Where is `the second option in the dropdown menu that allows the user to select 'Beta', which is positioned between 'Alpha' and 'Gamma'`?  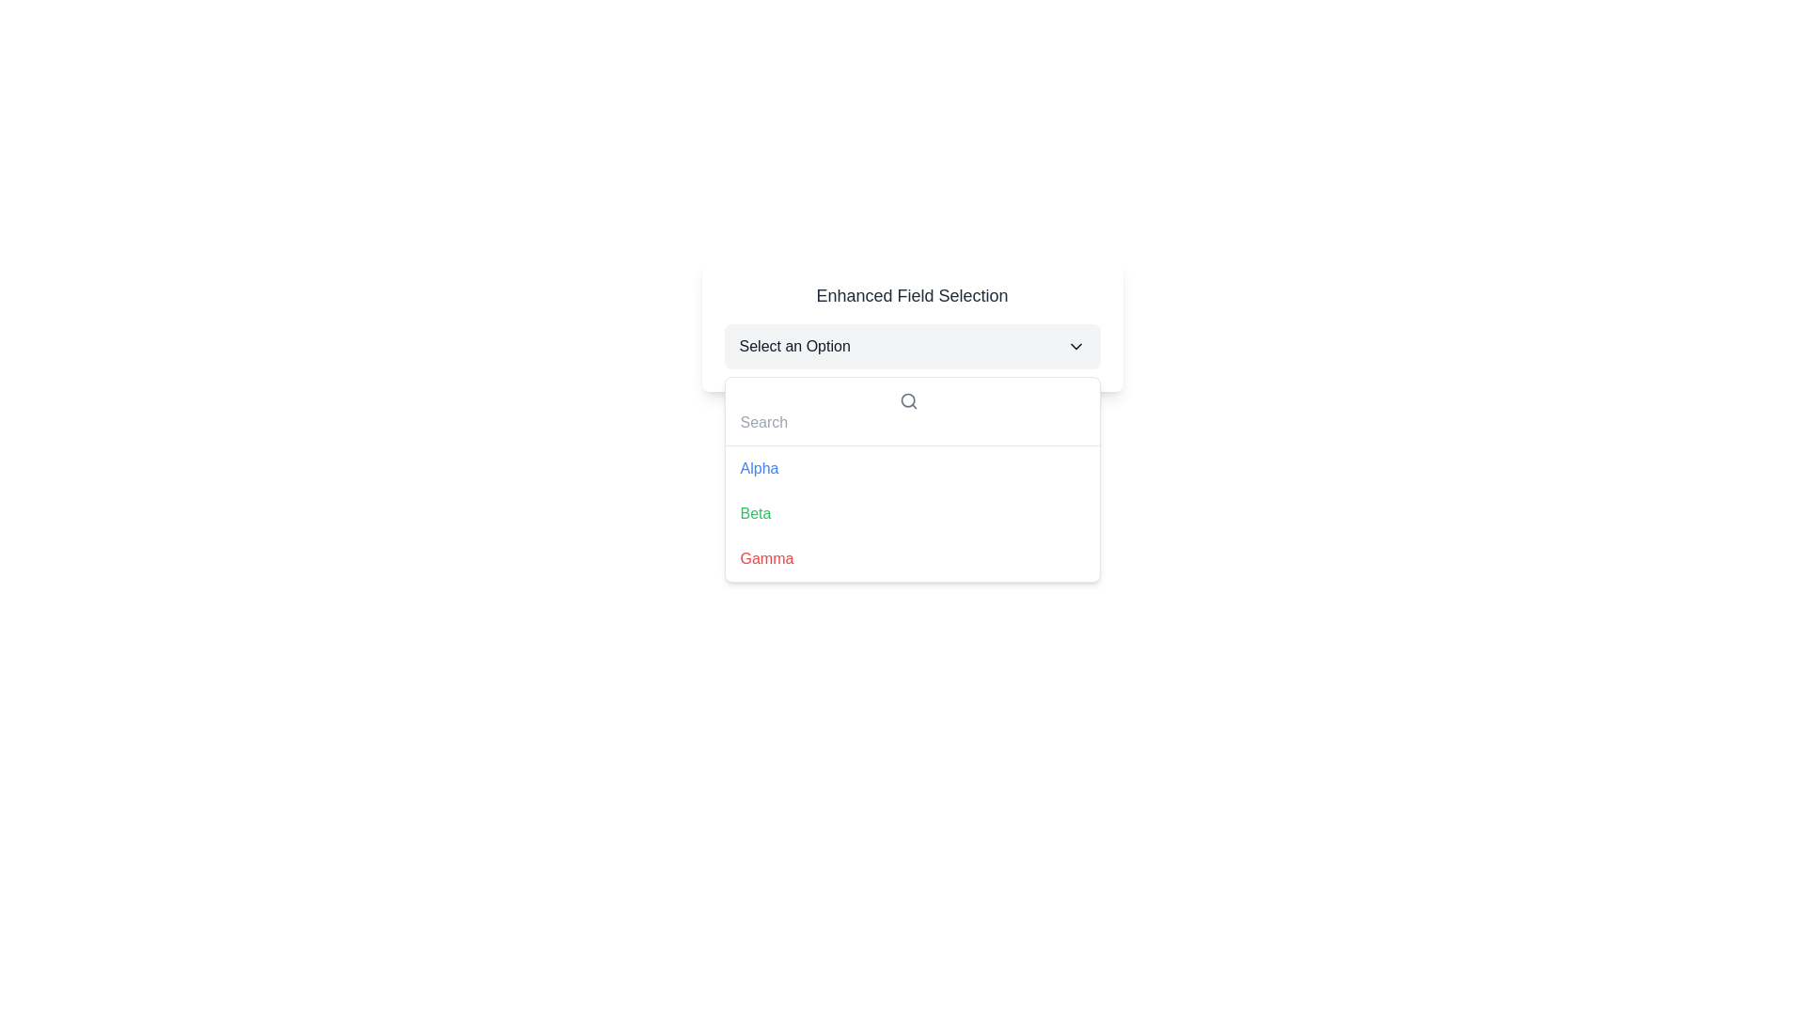
the second option in the dropdown menu that allows the user to select 'Beta', which is positioned between 'Alpha' and 'Gamma' is located at coordinates (755, 514).